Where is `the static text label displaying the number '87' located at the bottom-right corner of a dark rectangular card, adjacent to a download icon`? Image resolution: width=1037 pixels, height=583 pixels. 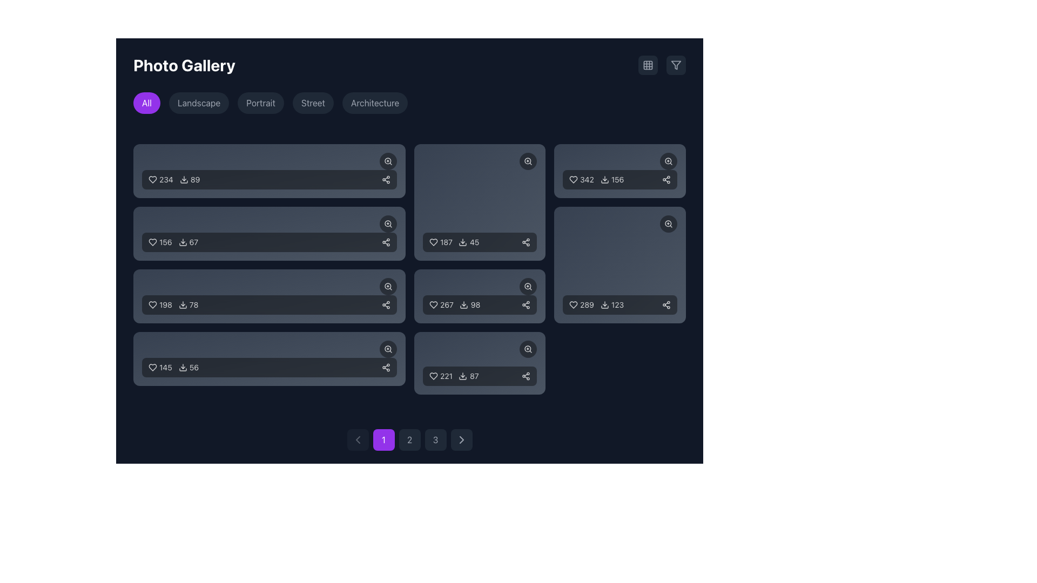
the static text label displaying the number '87' located at the bottom-right corner of a dark rectangular card, adjacent to a download icon is located at coordinates (474, 376).